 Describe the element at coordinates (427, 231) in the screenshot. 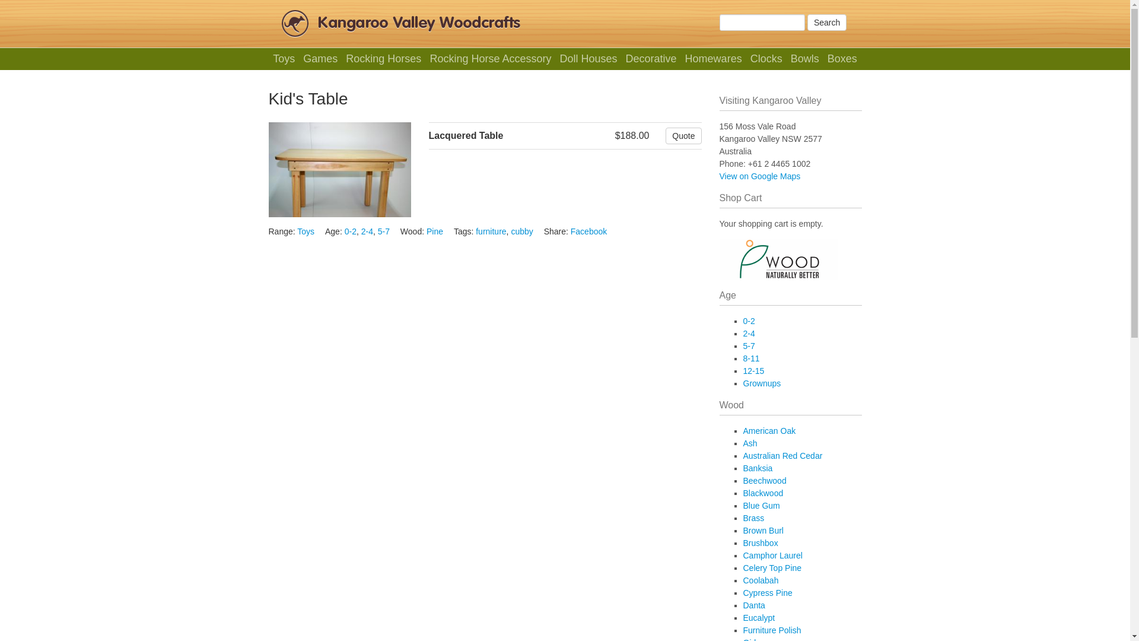

I see `'Pine'` at that location.